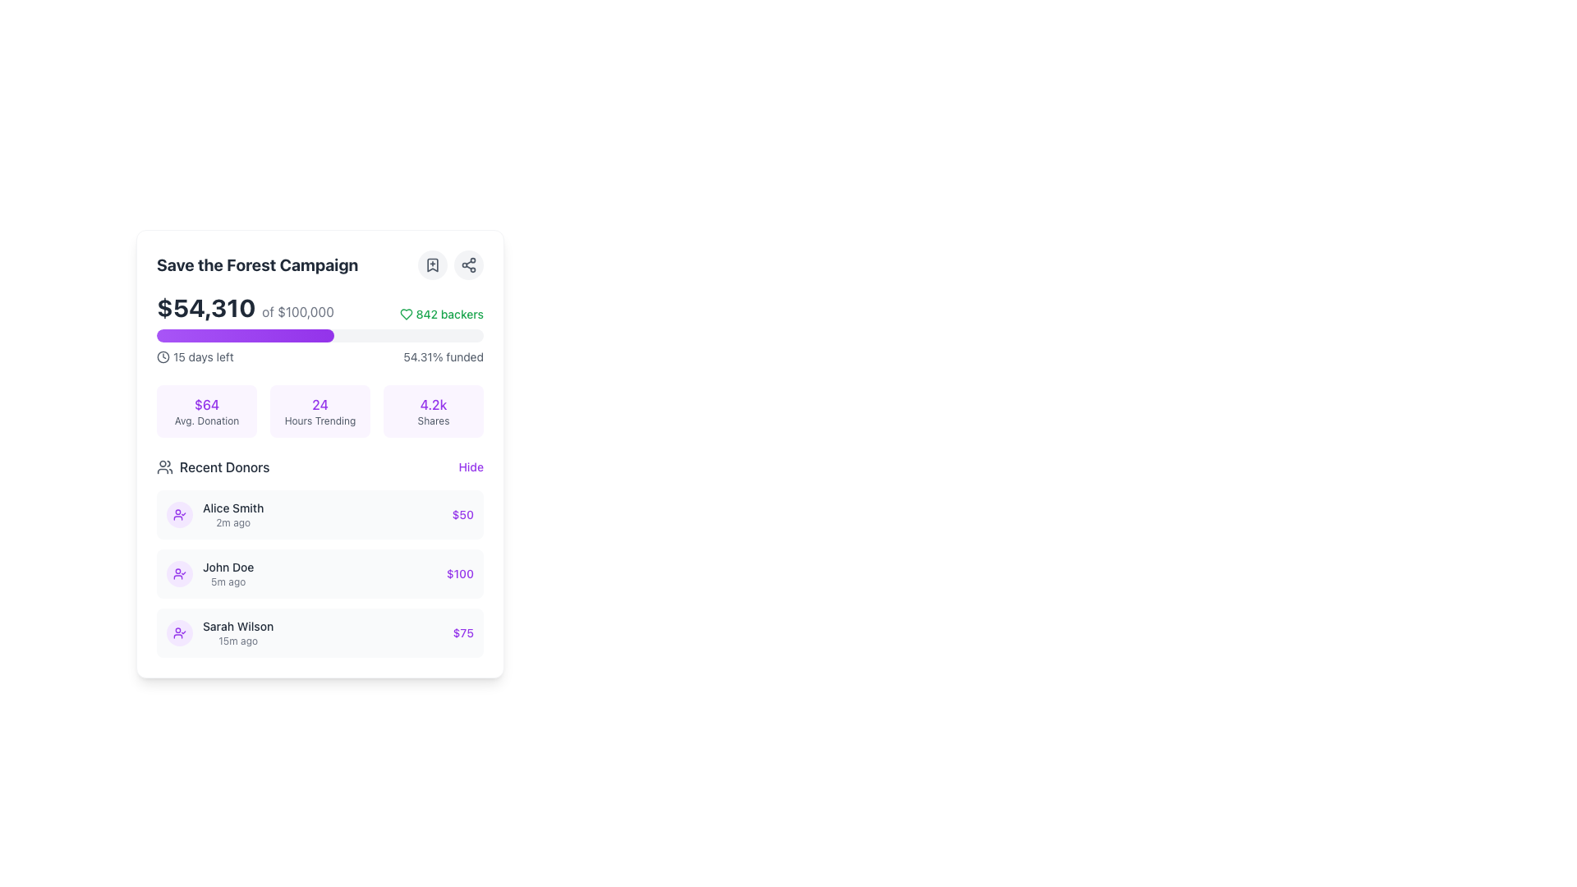 This screenshot has height=887, width=1577. I want to click on the green heart-shaped icon located to the left of the text '842 backers' in the upper-right area of the card, so click(406, 314).